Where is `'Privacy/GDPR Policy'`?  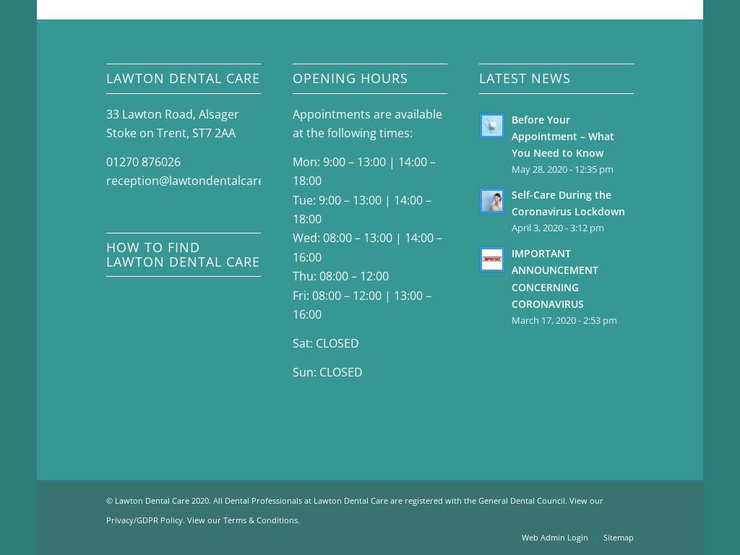 'Privacy/GDPR Policy' is located at coordinates (144, 518).